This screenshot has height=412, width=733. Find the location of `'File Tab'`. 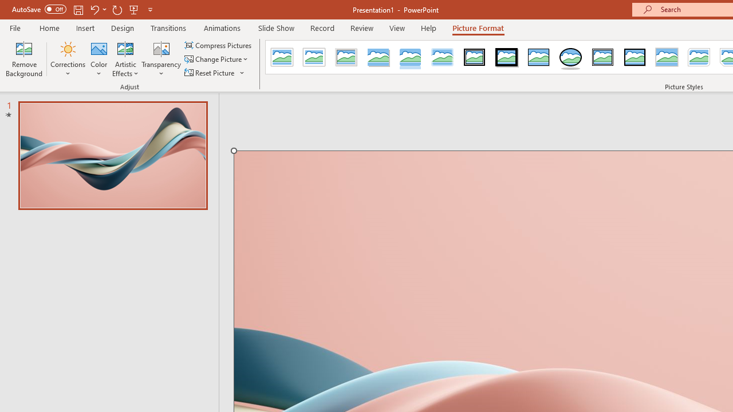

'File Tab' is located at coordinates (15, 27).